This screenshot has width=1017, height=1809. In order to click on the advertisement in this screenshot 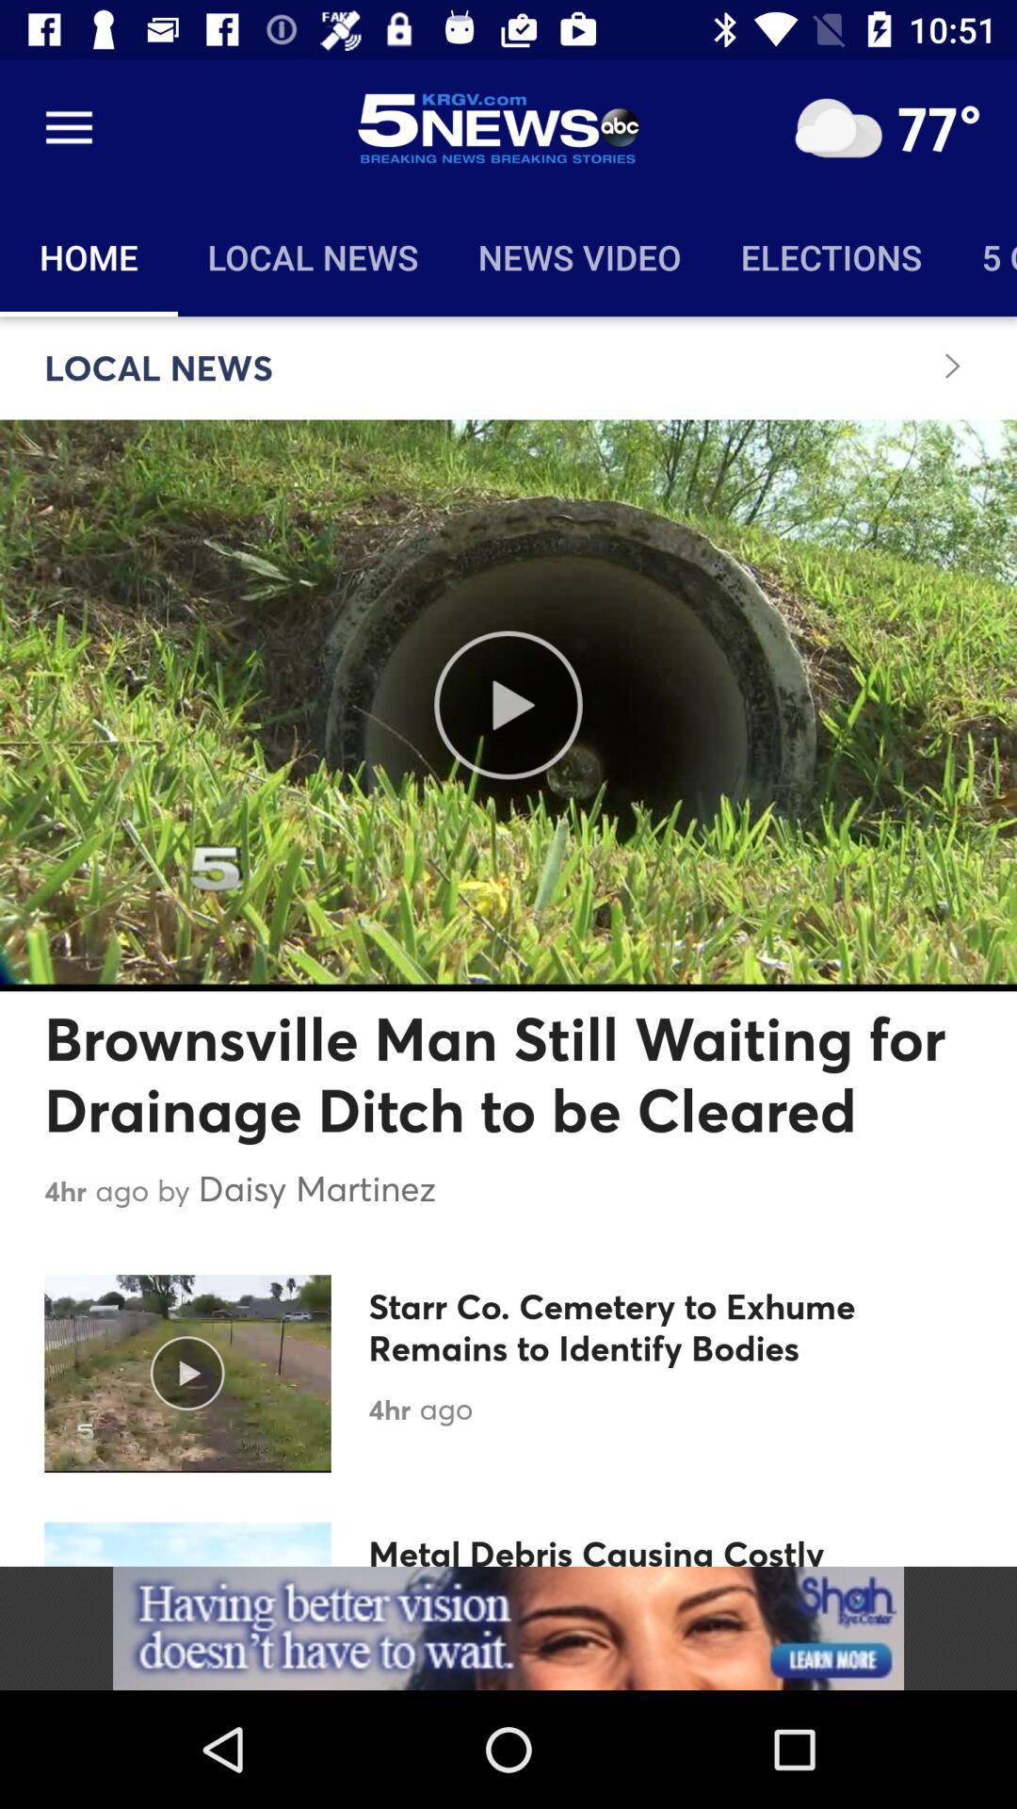, I will do `click(508, 1627)`.